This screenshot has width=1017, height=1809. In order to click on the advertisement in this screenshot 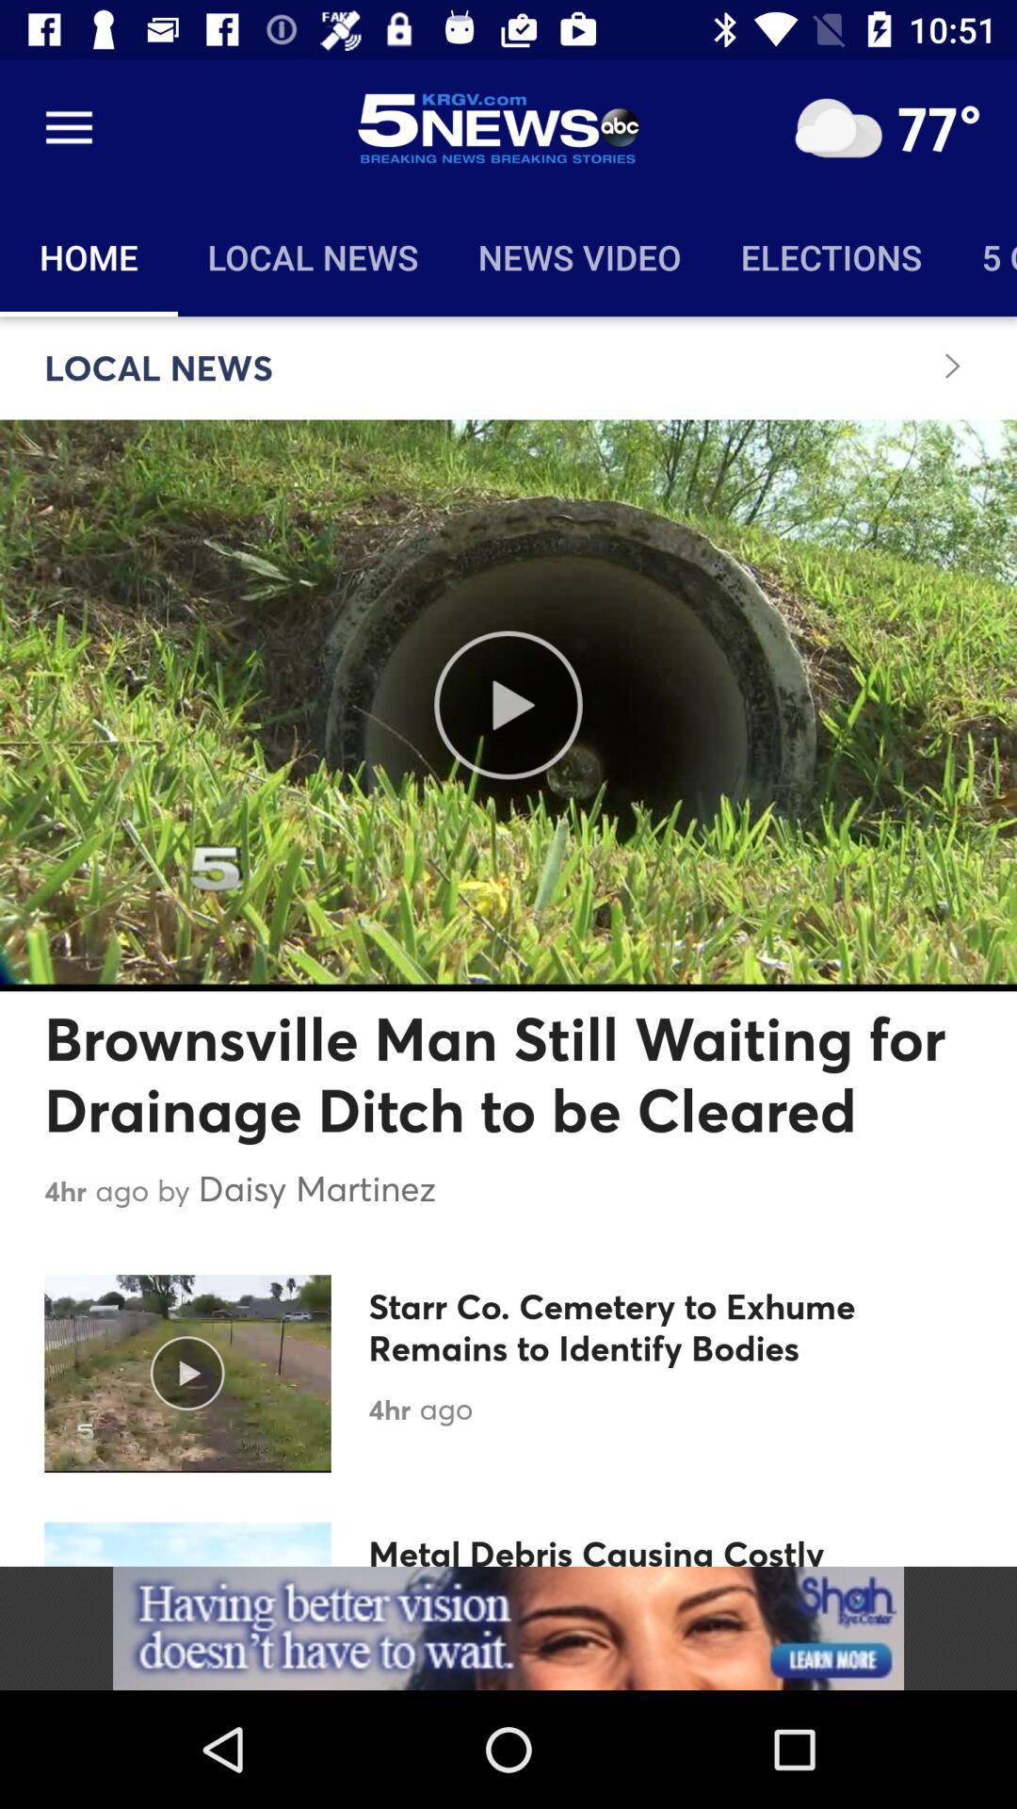, I will do `click(508, 1627)`.